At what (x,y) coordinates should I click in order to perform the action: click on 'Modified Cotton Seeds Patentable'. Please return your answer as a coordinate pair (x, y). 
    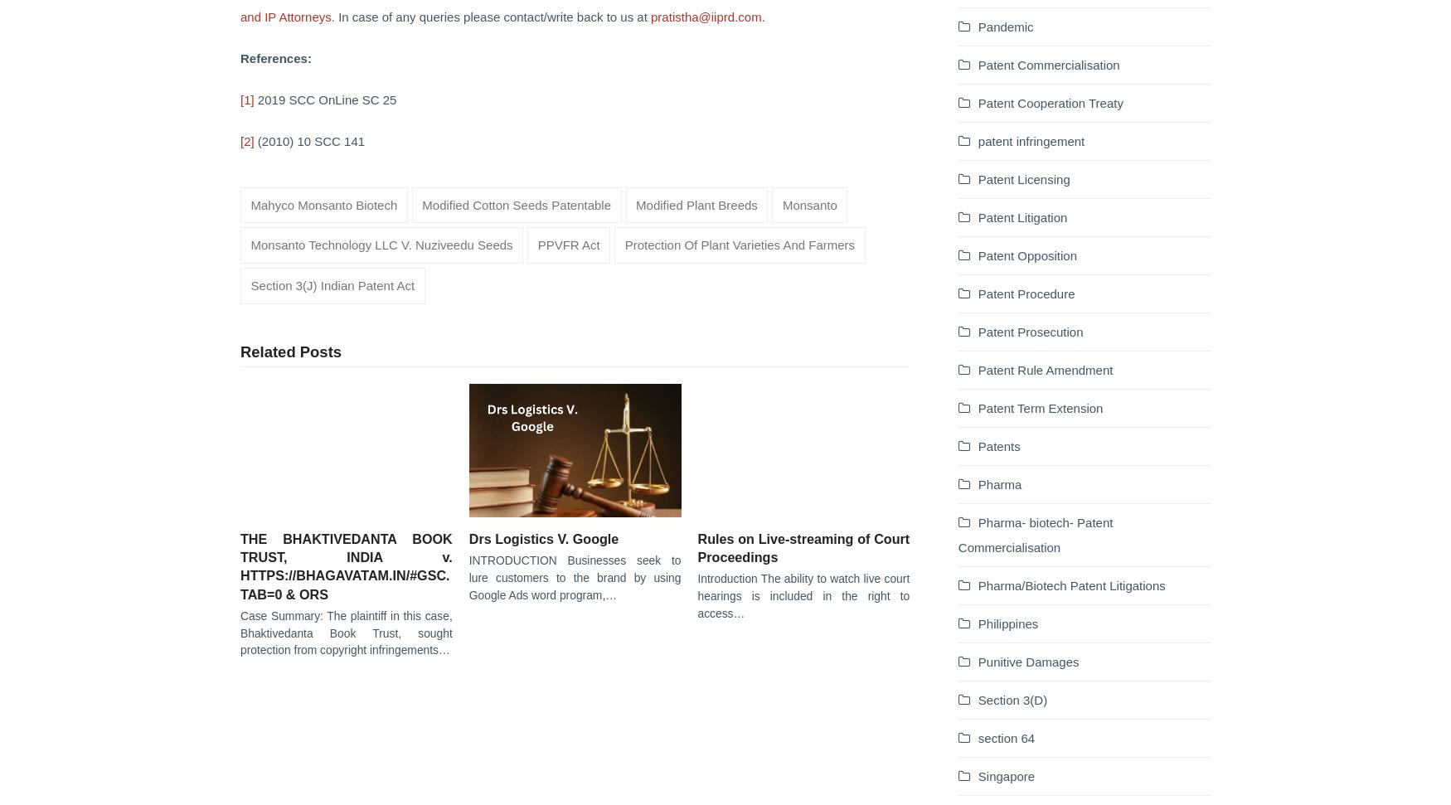
    Looking at the image, I should click on (517, 204).